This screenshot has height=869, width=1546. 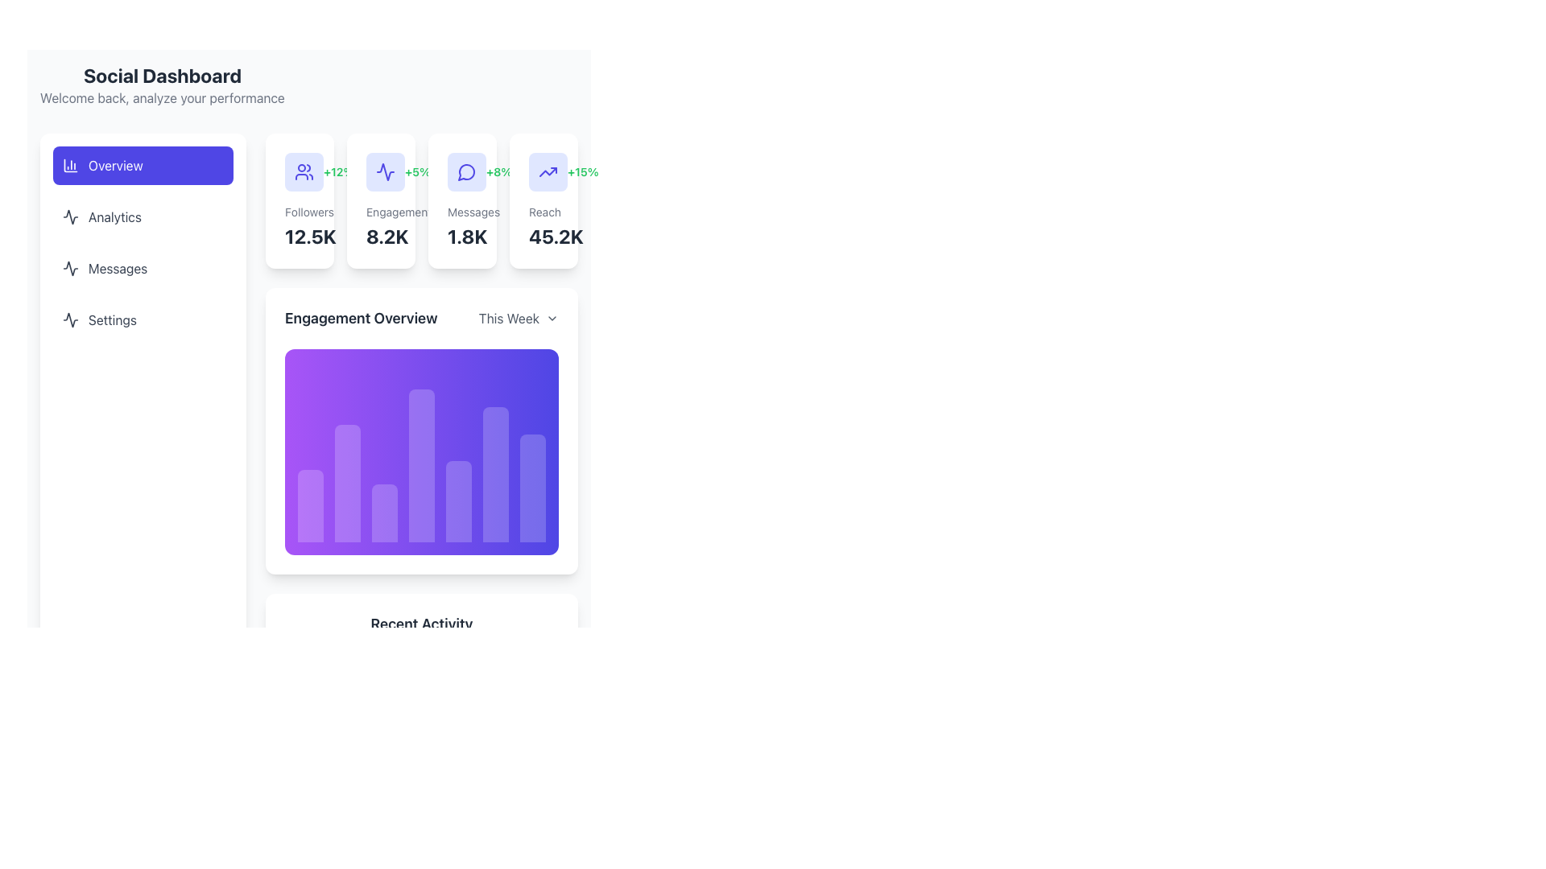 What do you see at coordinates (465, 172) in the screenshot?
I see `the speech bubble icon, which is a vector representation with a circular outer boundary and a triangle at the bottom left, located within the third card from the left in the row of status cards, representing 'Messages'` at bounding box center [465, 172].